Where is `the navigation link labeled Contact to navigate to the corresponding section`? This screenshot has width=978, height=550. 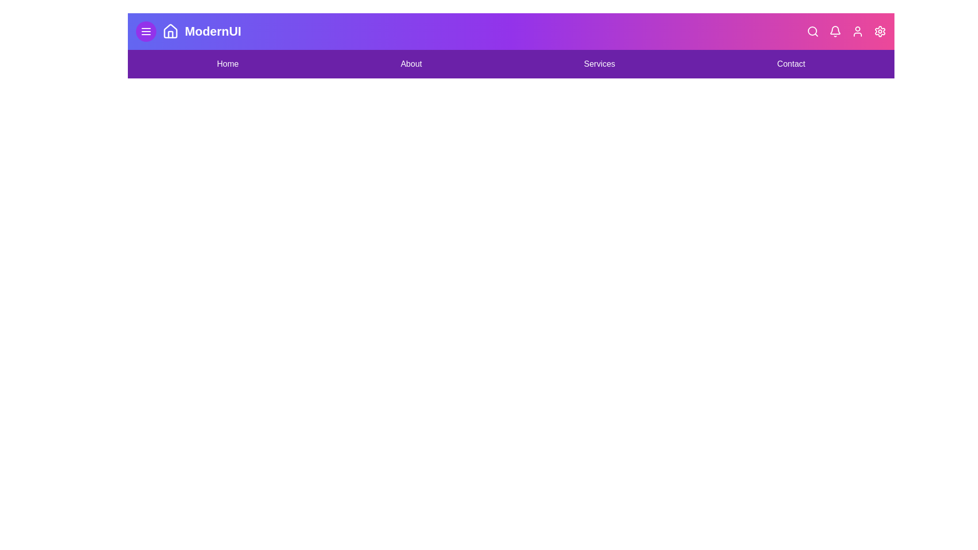 the navigation link labeled Contact to navigate to the corresponding section is located at coordinates (791, 64).